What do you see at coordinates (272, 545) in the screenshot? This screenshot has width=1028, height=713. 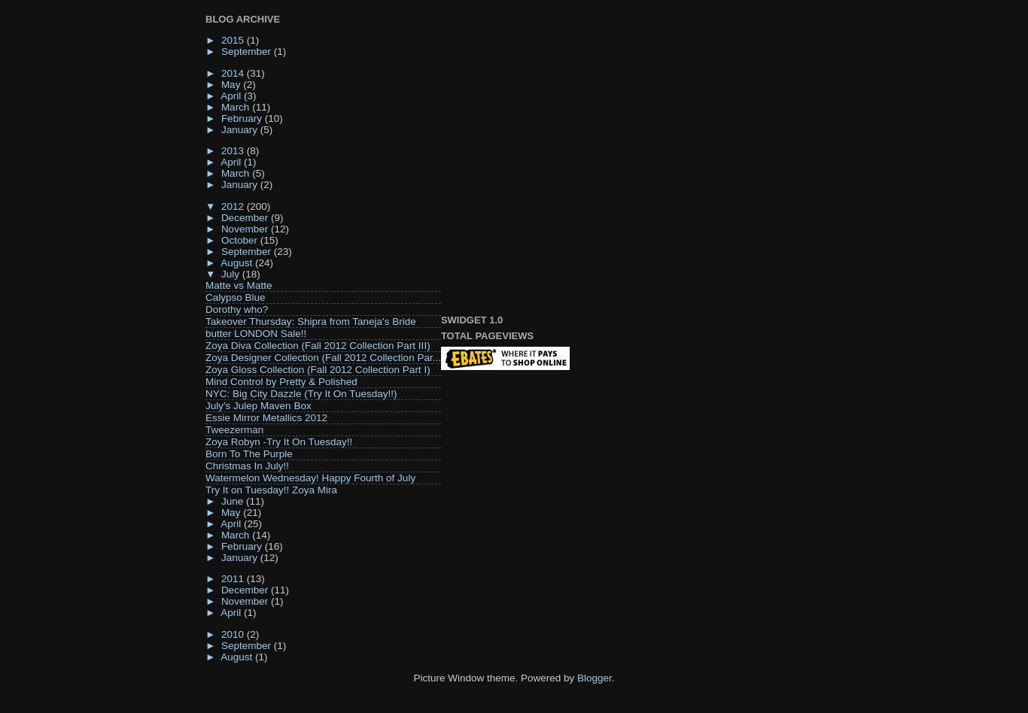 I see `'(16)'` at bounding box center [272, 545].